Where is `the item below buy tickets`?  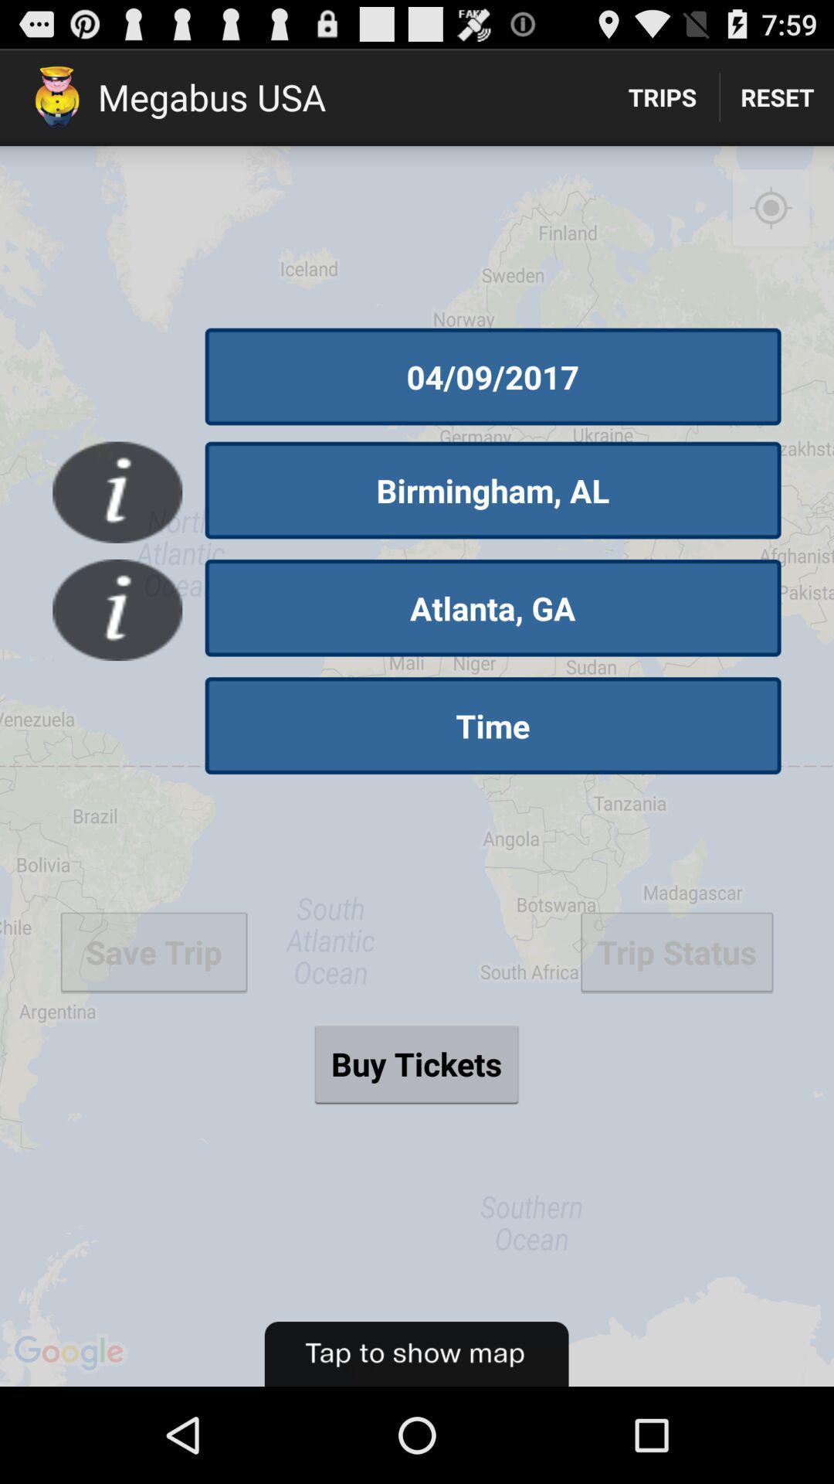
the item below buy tickets is located at coordinates (415, 1353).